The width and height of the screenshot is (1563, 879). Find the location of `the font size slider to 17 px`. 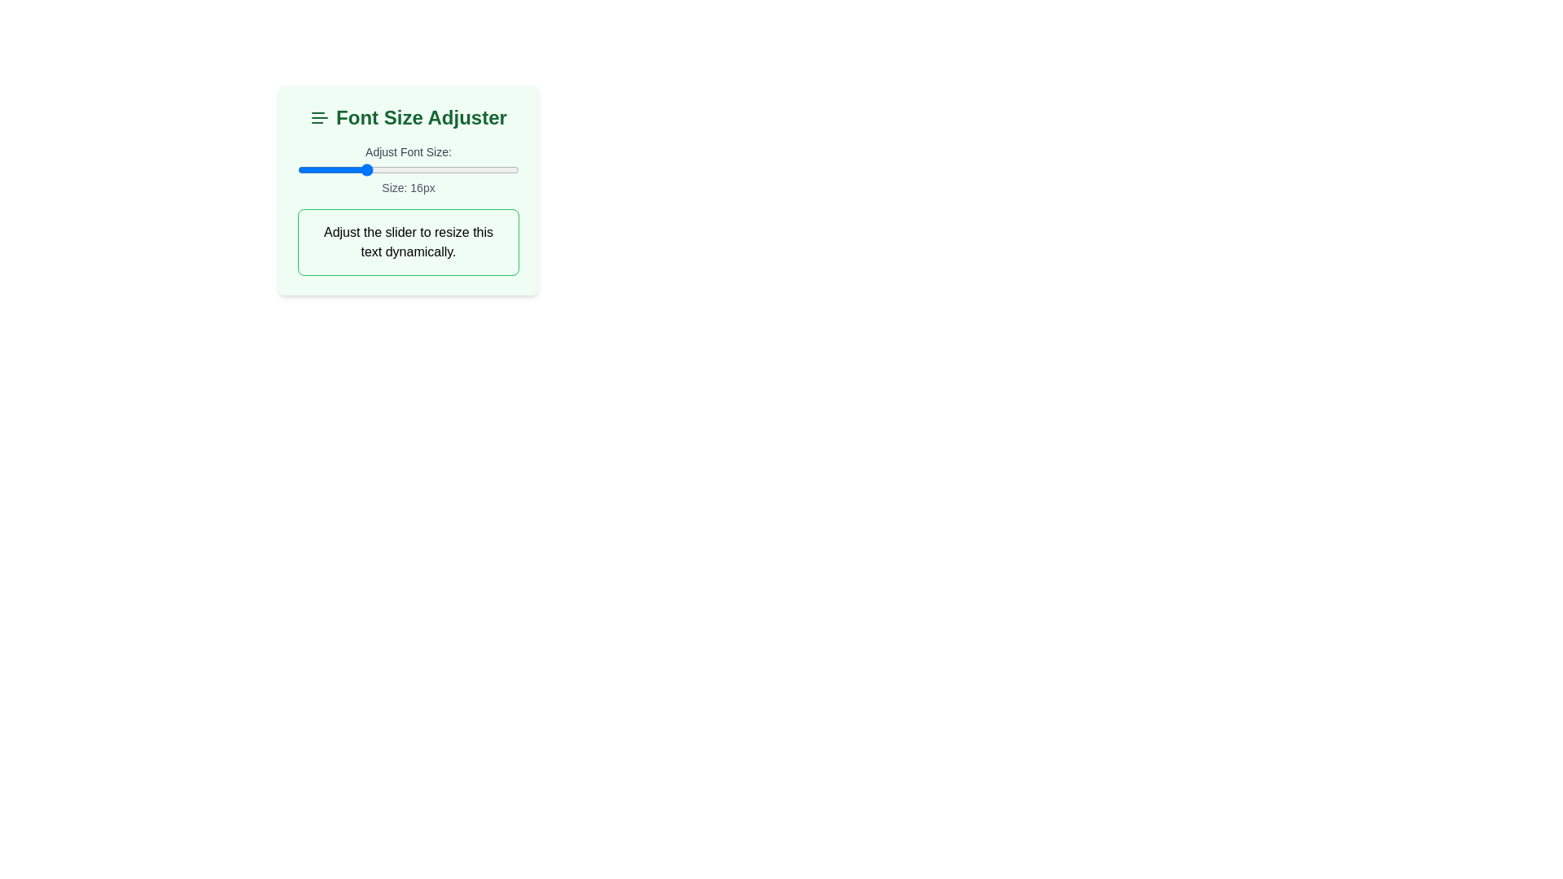

the font size slider to 17 px is located at coordinates (374, 169).